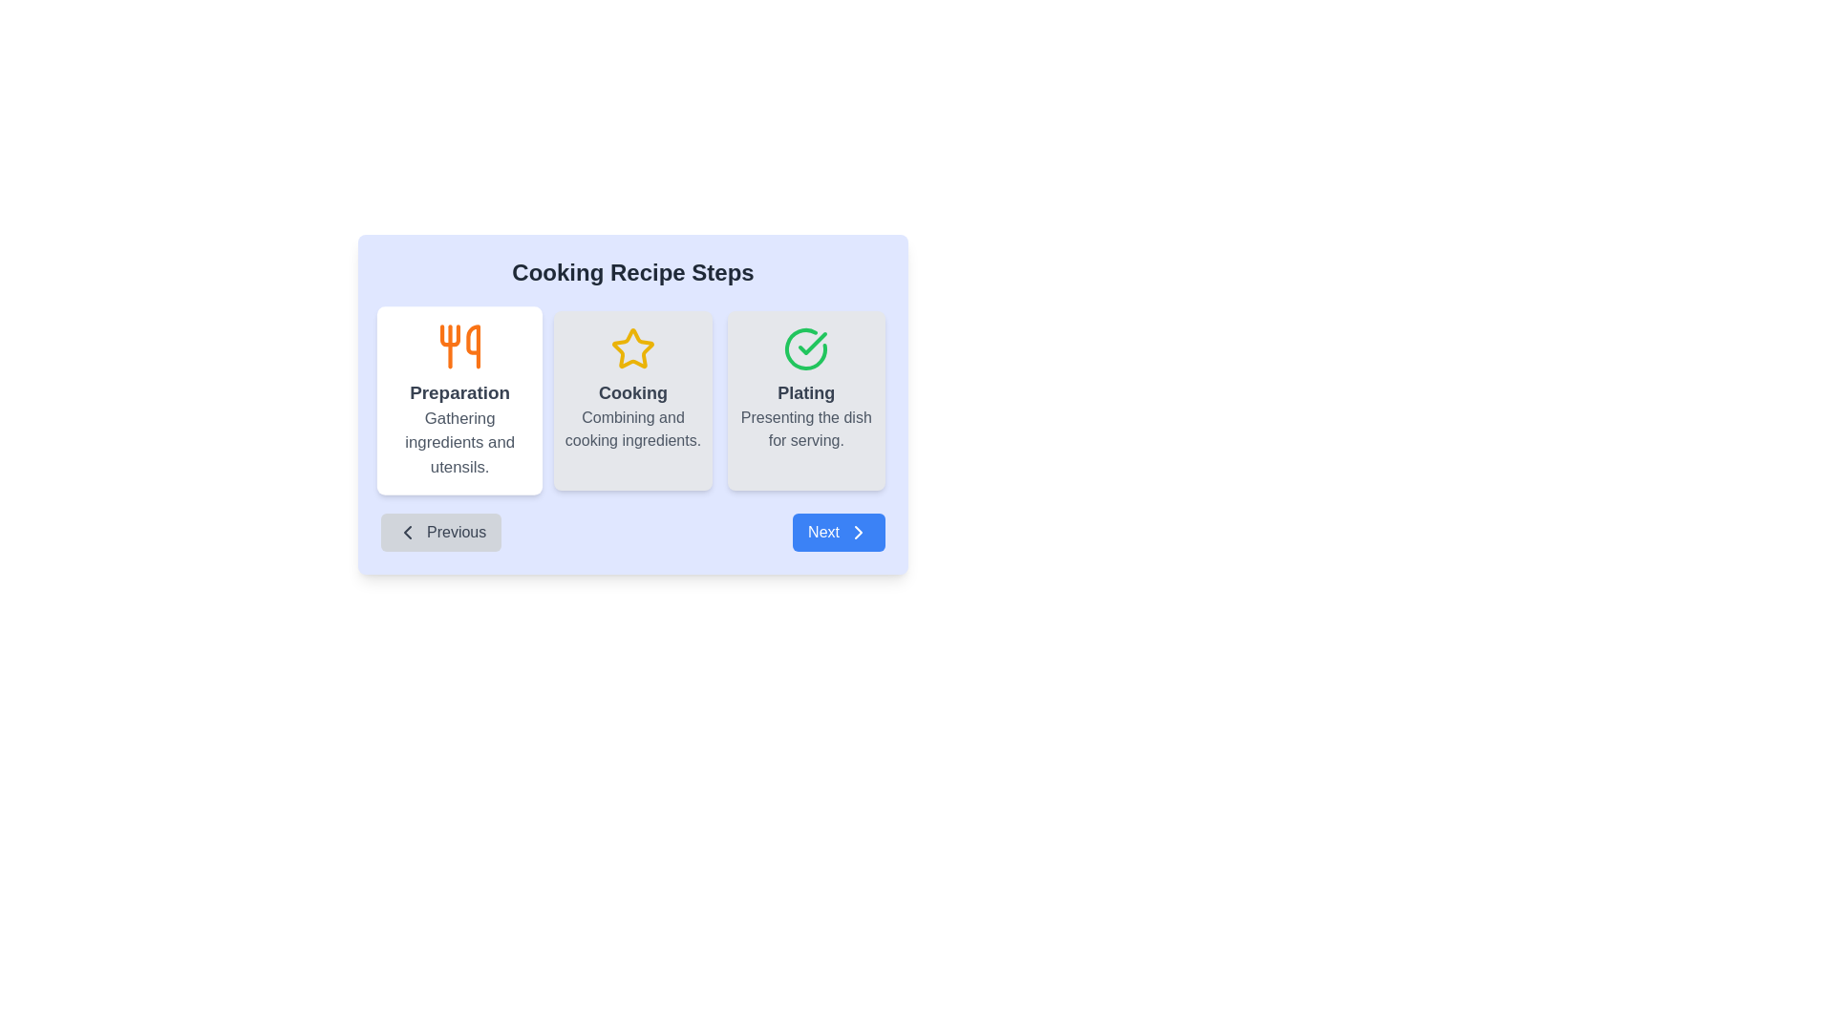  I want to click on the text label that displays the word 'Preparation', which is styled in a large, bold dark gray font and is positioned below an orange utensils icon, so click(459, 391).